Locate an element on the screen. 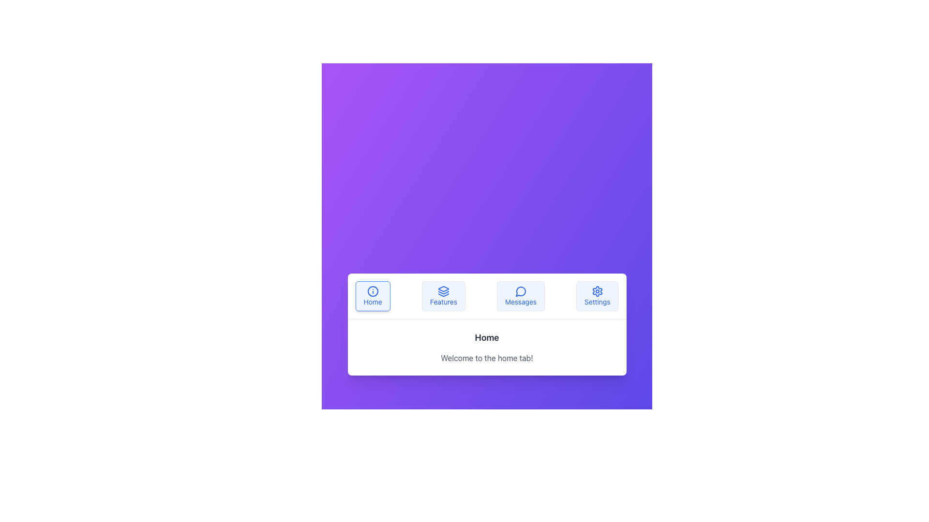  the topmost triangular icon in the SVG graphic representing stacked layers is located at coordinates (443, 288).